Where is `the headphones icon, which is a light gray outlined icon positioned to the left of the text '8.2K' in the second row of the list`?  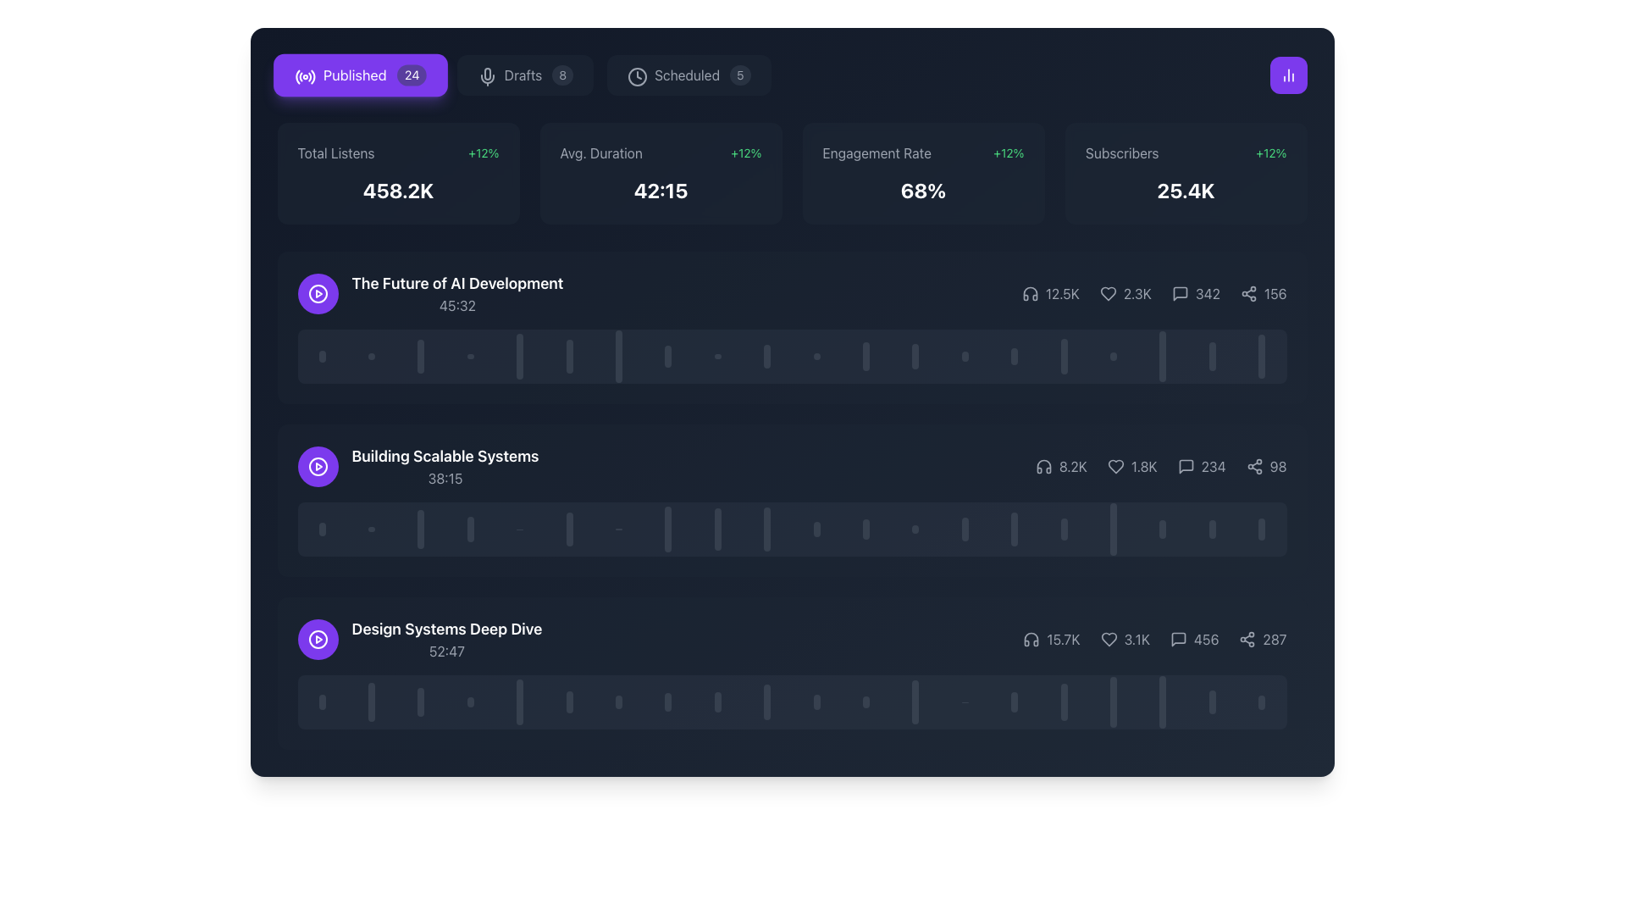
the headphones icon, which is a light gray outlined icon positioned to the left of the text '8.2K' in the second row of the list is located at coordinates (1043, 467).